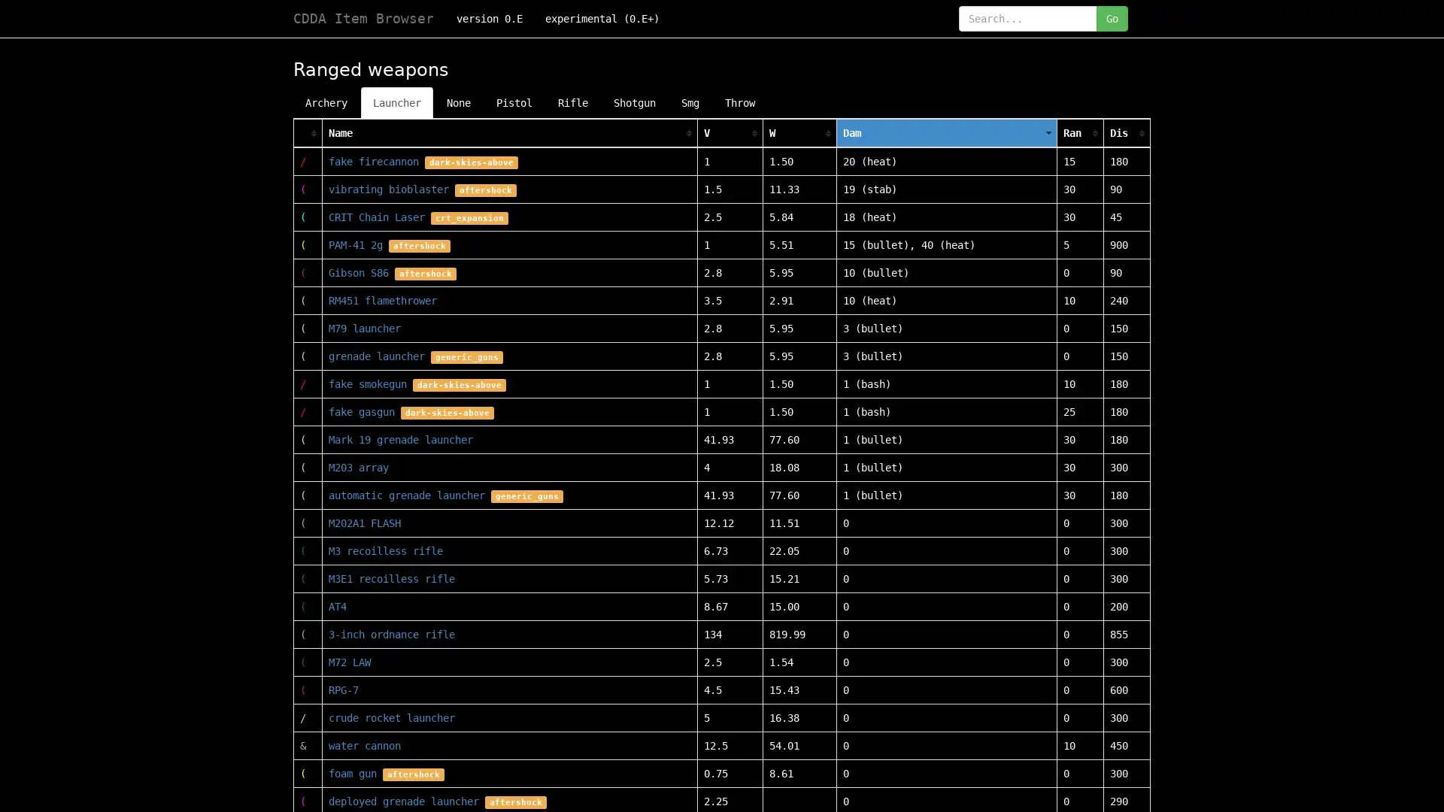 This screenshot has width=1444, height=812. I want to click on Go, so click(1112, 18).